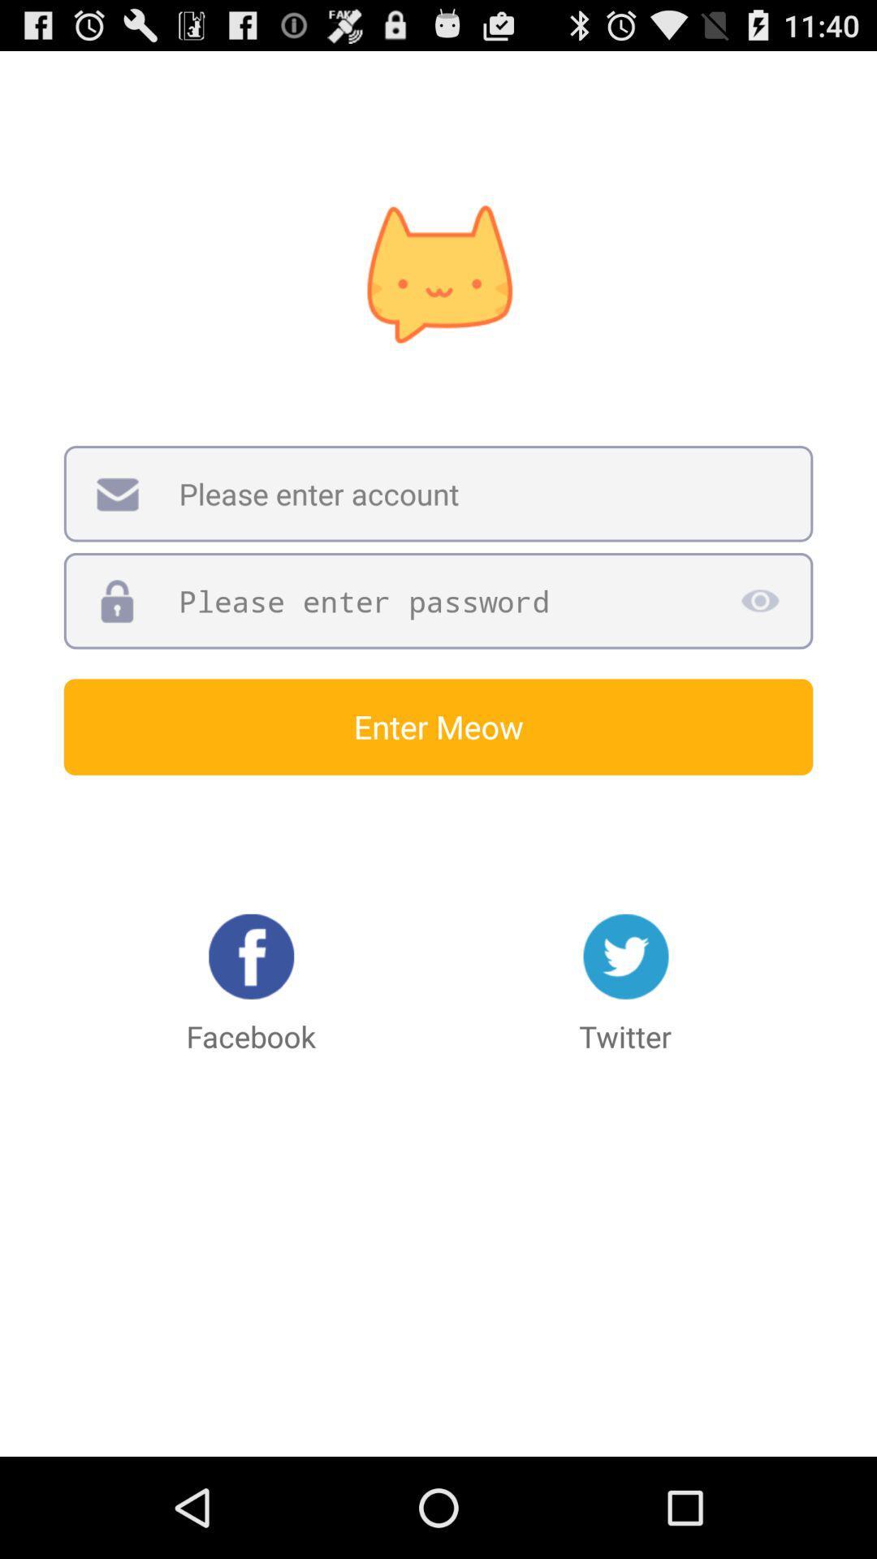 This screenshot has width=877, height=1559. Describe the element at coordinates (759, 642) in the screenshot. I see `the visibility icon` at that location.